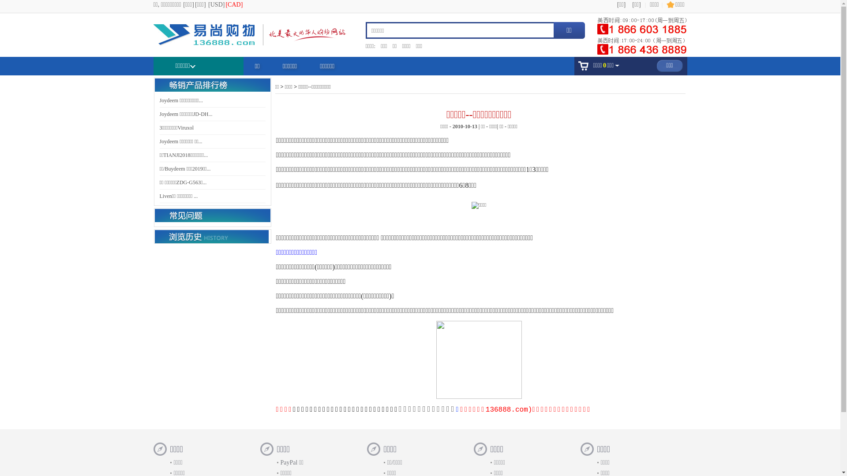 The height and width of the screenshot is (476, 847). I want to click on '[CAD]', so click(225, 4).